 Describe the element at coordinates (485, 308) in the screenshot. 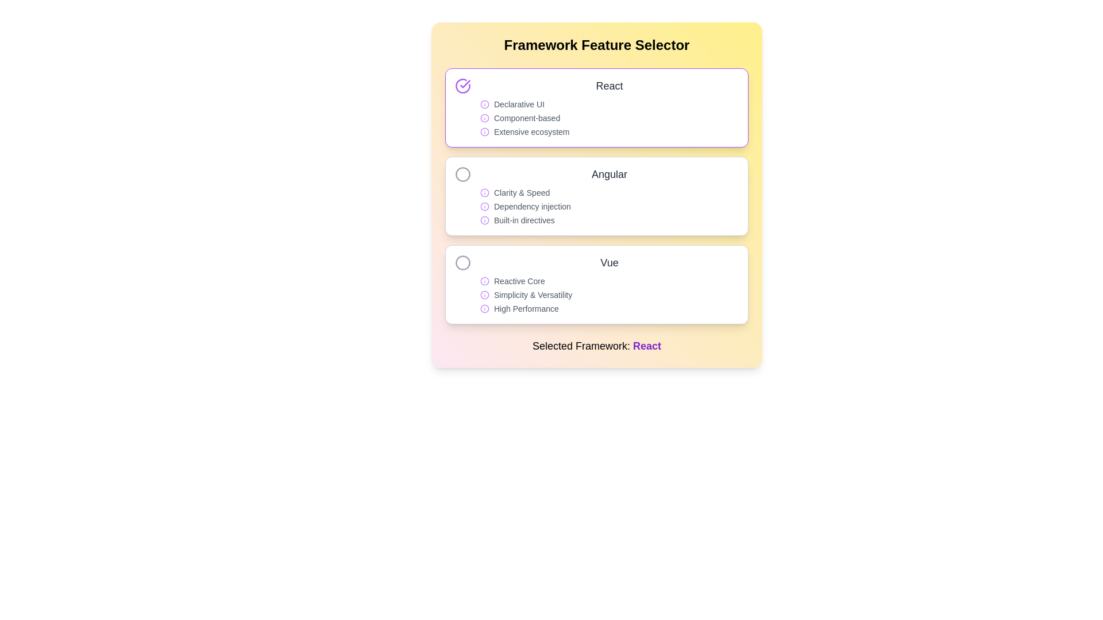

I see `the information icon located to the left of the 'High Performance' text in the Vue framework features section of the card` at that location.